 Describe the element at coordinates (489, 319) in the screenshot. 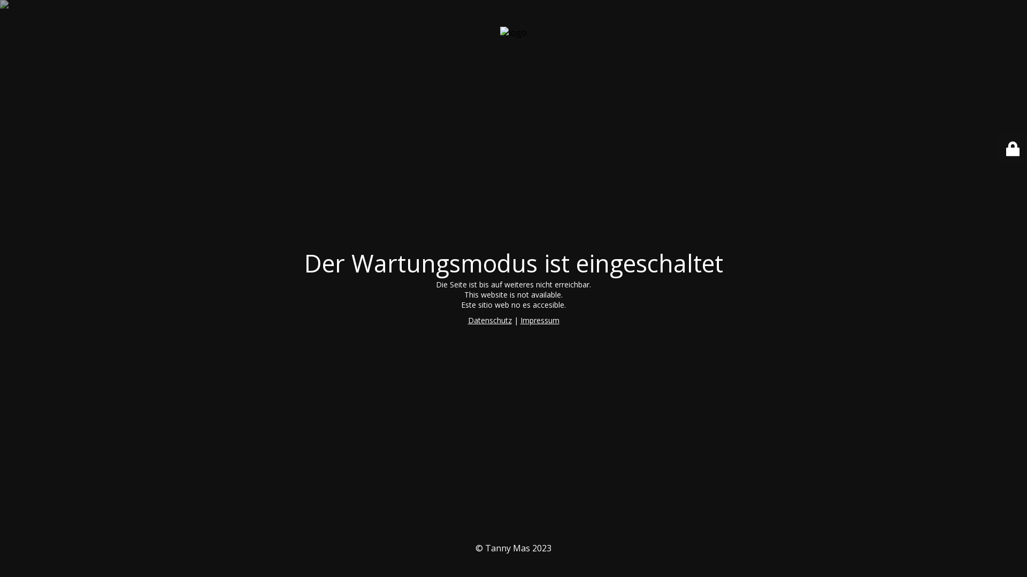

I see `'Datenschutz'` at that location.